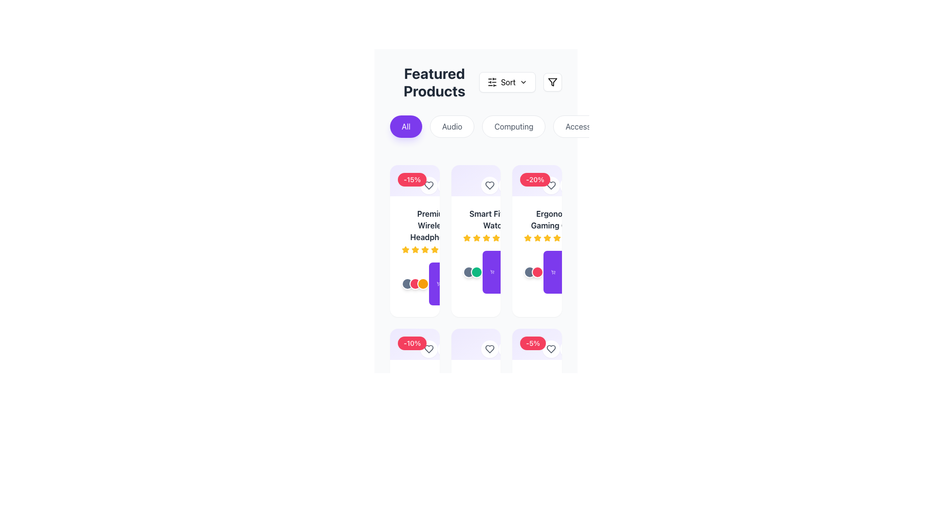 The height and width of the screenshot is (526, 935). Describe the element at coordinates (433, 225) in the screenshot. I see `the Text label that serves as the title for the product in the product listing, located near the top of the product card, above the yellow rating stars` at that location.